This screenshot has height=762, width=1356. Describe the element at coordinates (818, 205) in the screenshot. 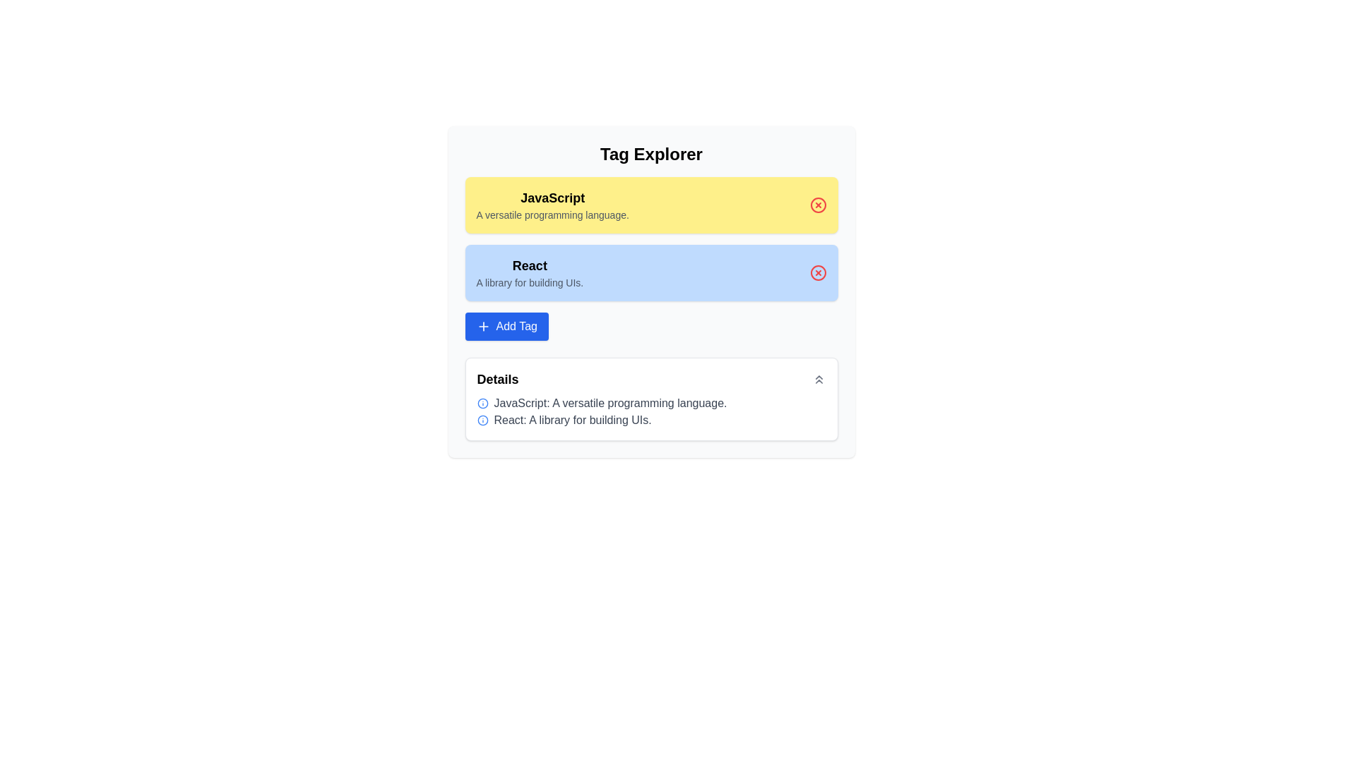

I see `the thin-lined circular Icon Button with a cross icon in the center, located at the top-right corner of the yellow 'JavaScript' card` at that location.